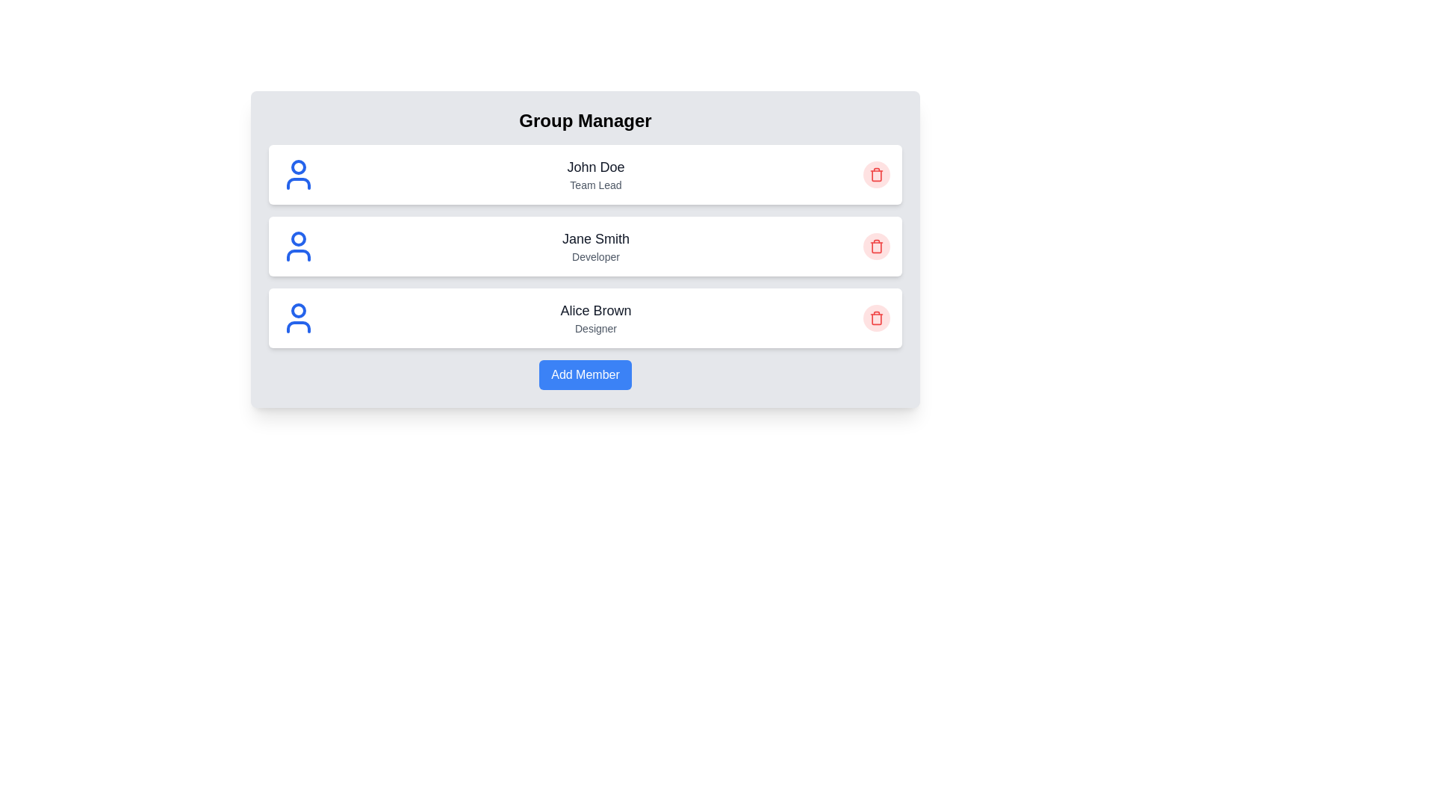 The height and width of the screenshot is (807, 1434). What do you see at coordinates (877, 317) in the screenshot?
I see `the circular red button with a trash bin icon on the far-right side of the row containing 'Alice Brown' and 'Designer'` at bounding box center [877, 317].